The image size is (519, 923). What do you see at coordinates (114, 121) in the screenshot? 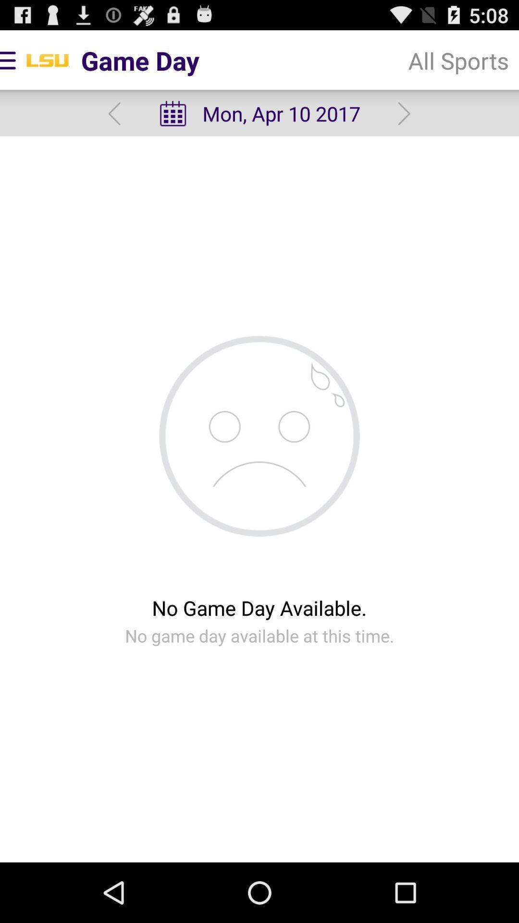
I see `the arrow_backward icon` at bounding box center [114, 121].